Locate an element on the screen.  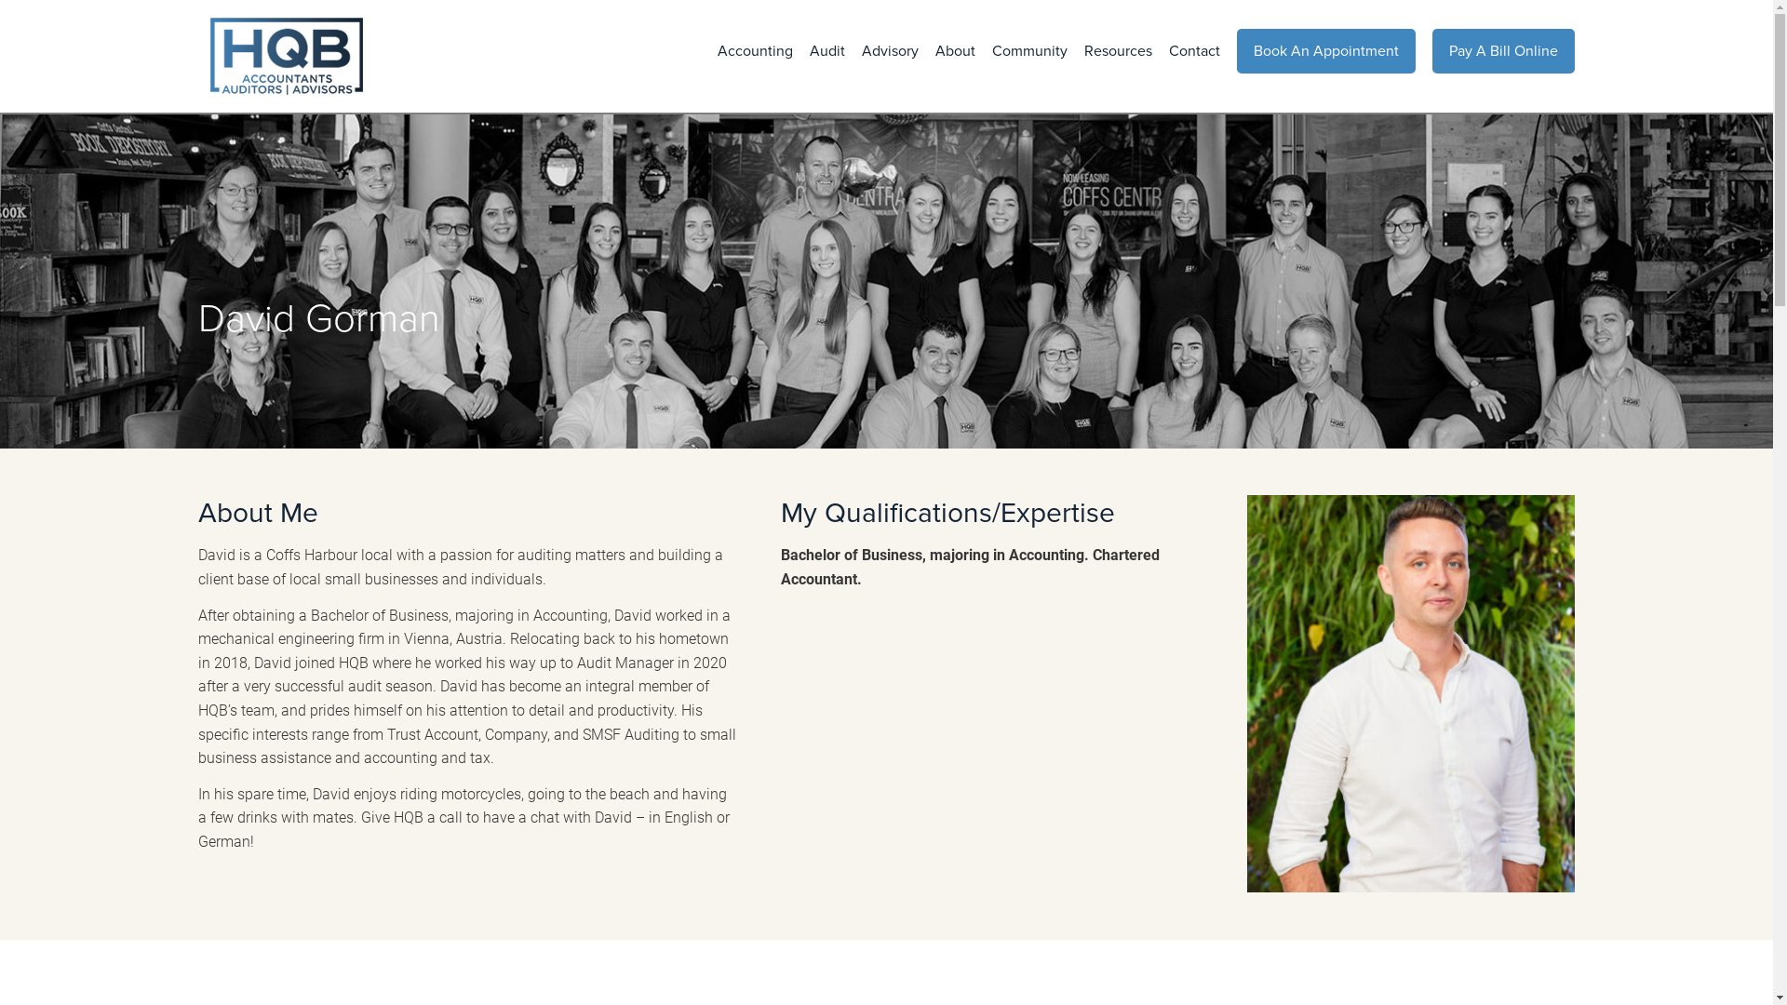
'About' is located at coordinates (947, 49).